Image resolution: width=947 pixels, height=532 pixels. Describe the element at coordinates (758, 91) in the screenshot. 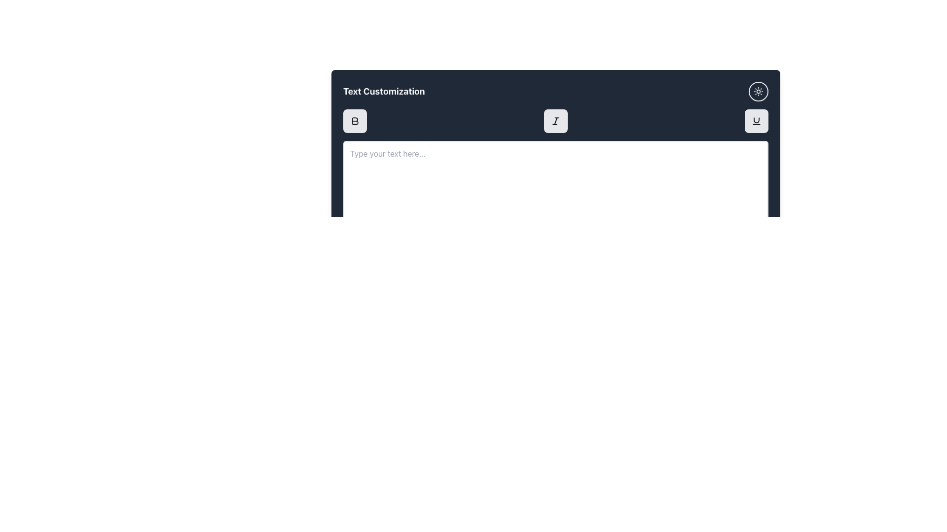

I see `the central sun icon that toggles settings related to light, brightness, or themes in the application` at that location.